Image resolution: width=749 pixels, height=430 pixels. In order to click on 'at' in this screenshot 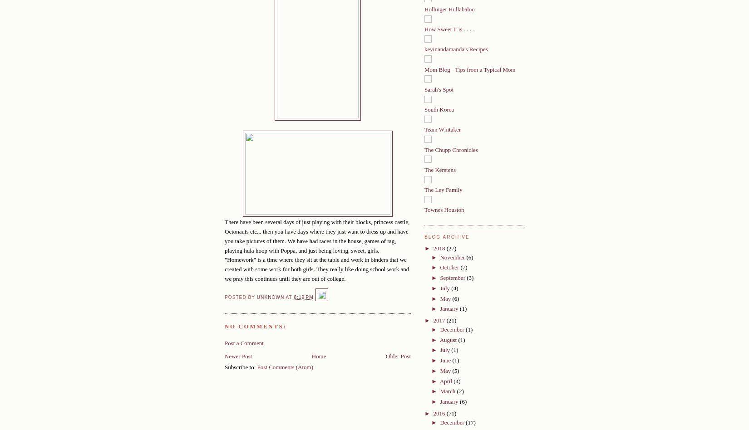, I will do `click(285, 296)`.